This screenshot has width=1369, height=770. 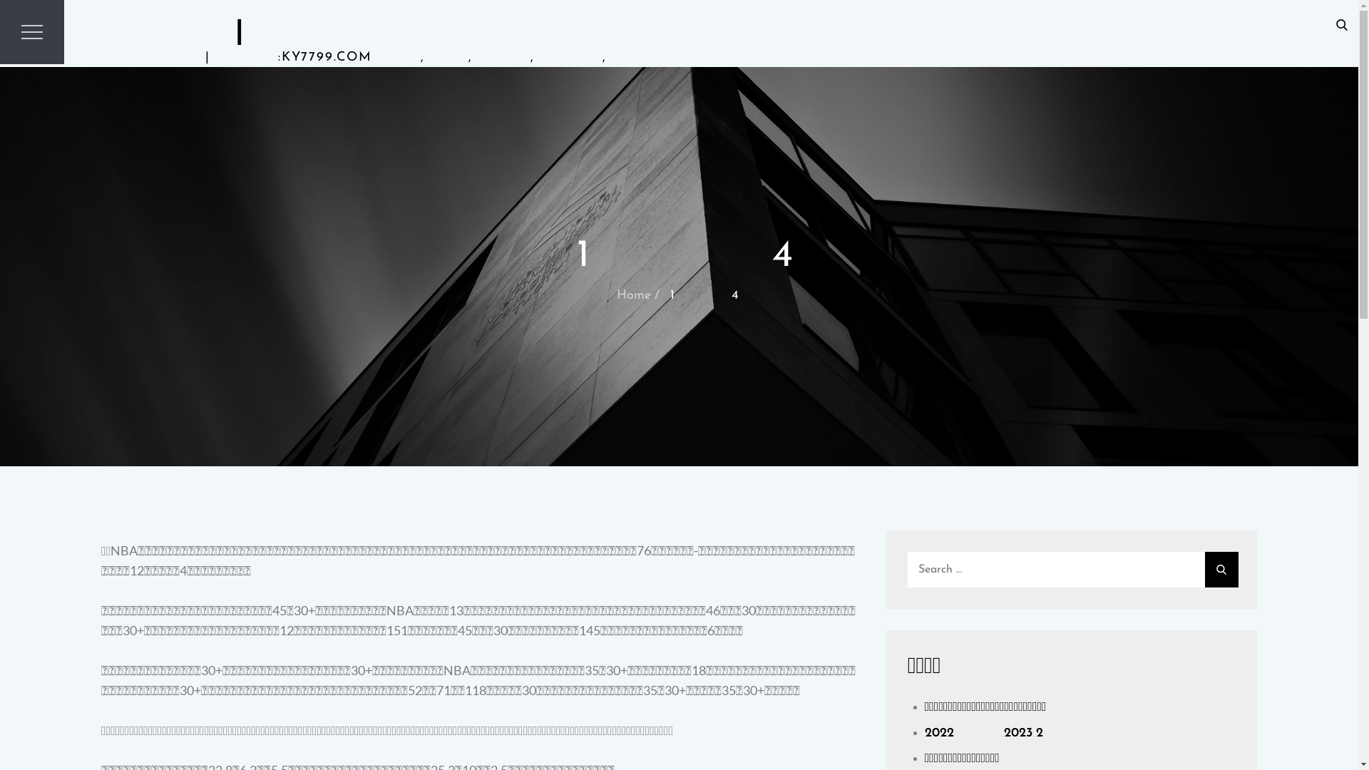 I want to click on 'Home', so click(x=632, y=294).